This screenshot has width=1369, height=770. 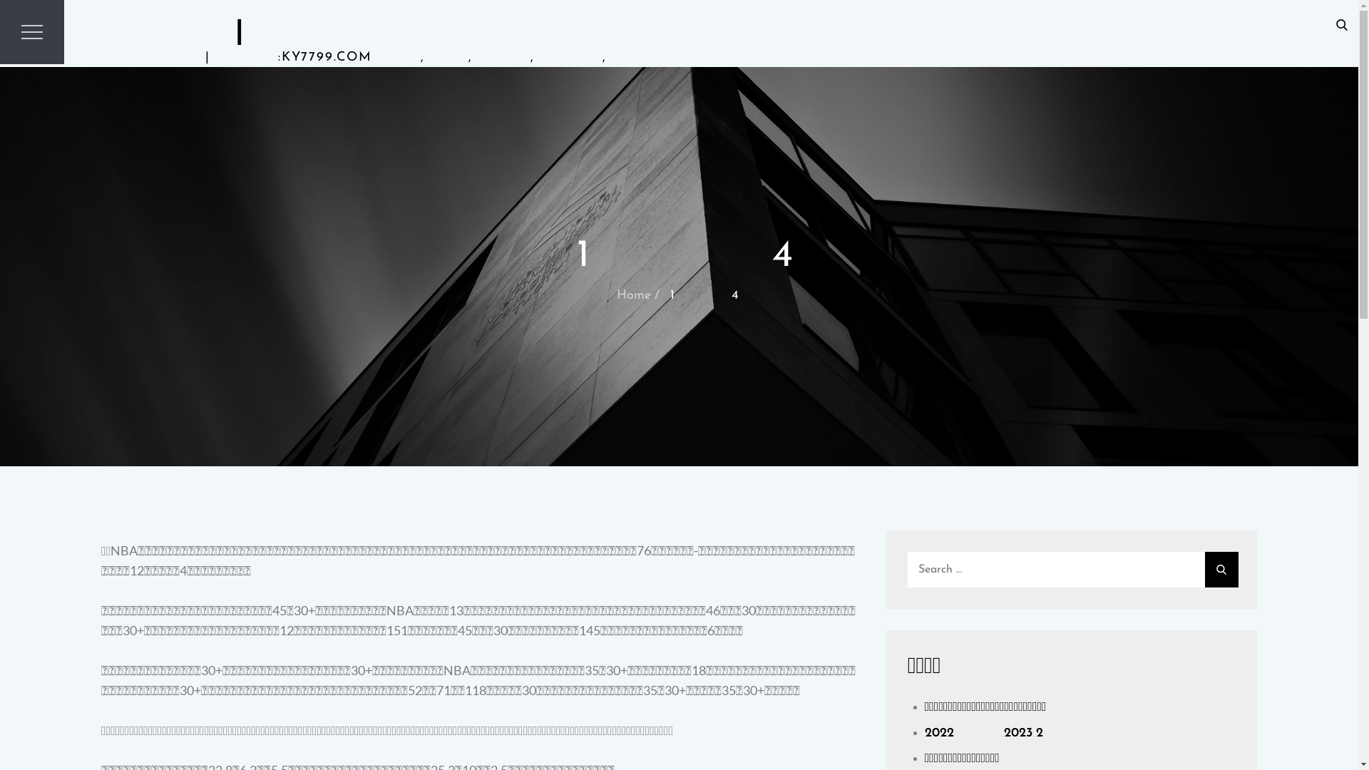 I want to click on 'Home', so click(x=632, y=294).